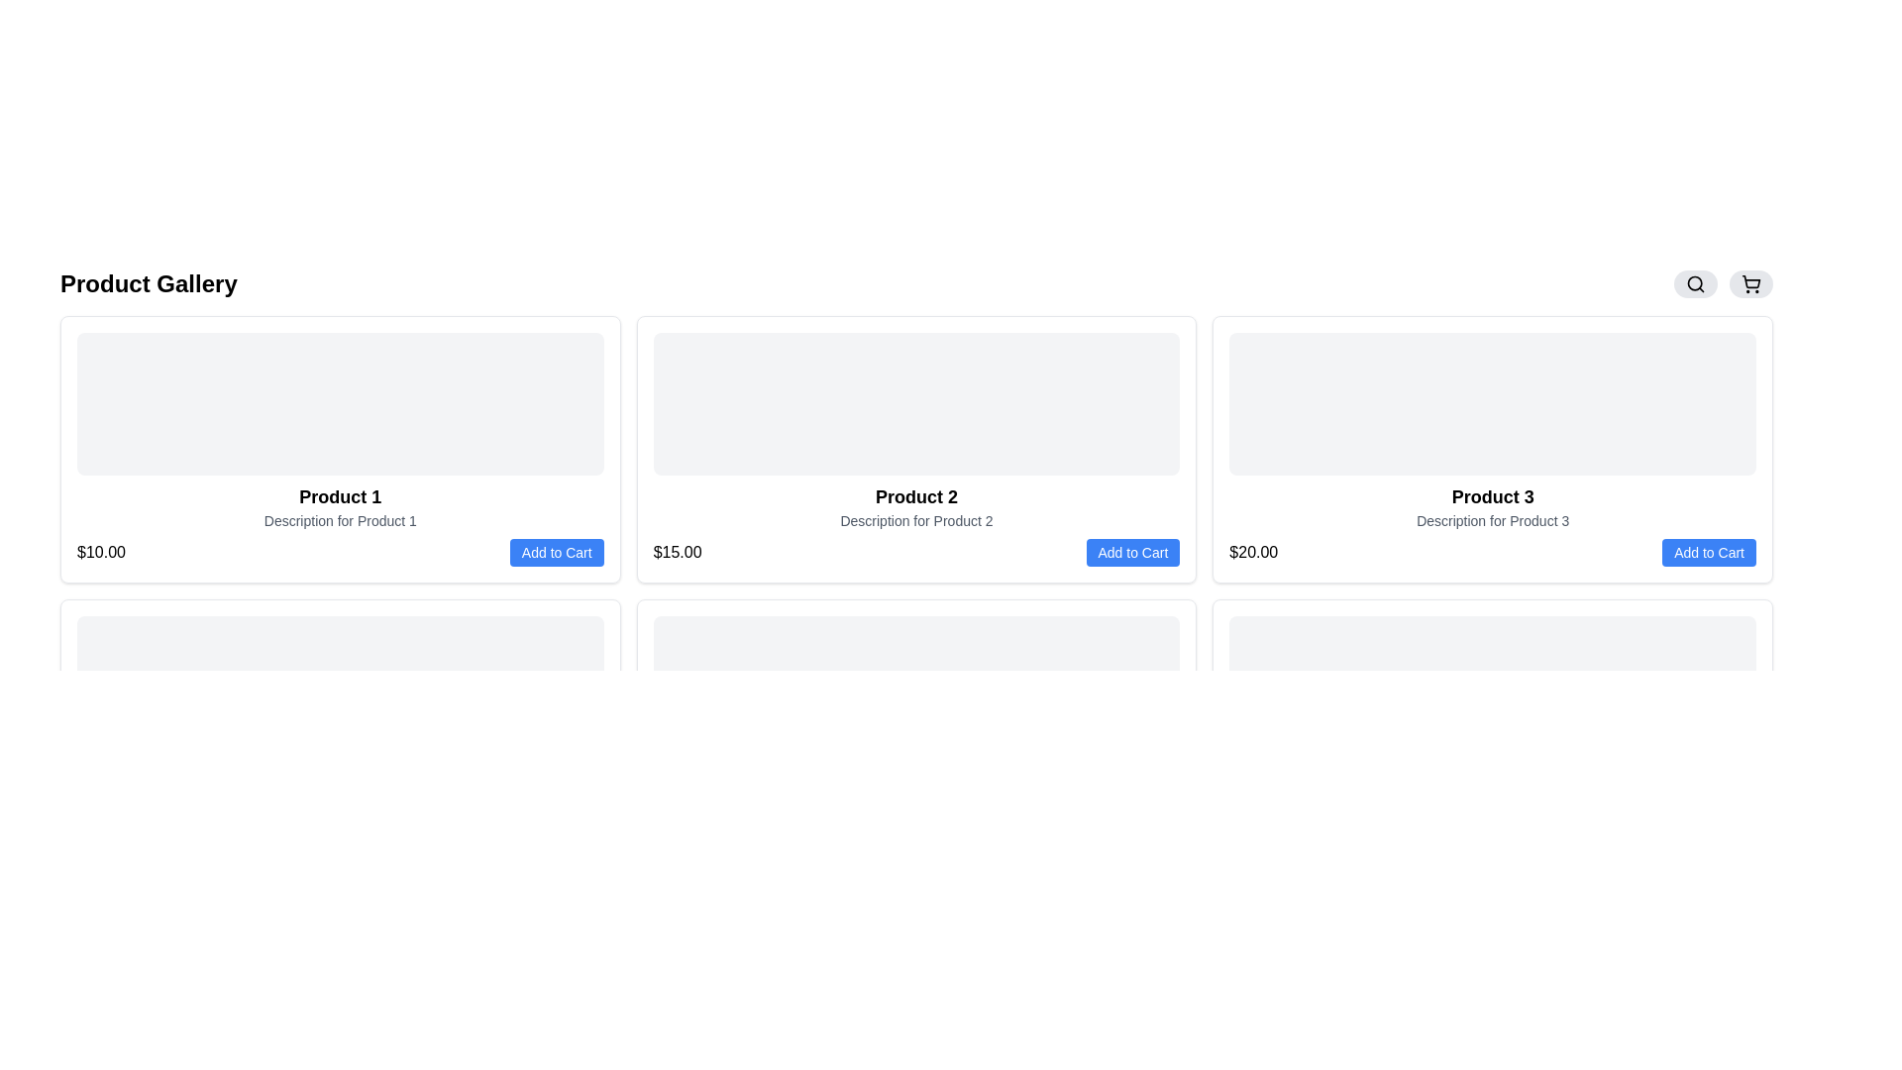 This screenshot has width=1902, height=1070. Describe the element at coordinates (1252, 553) in the screenshot. I see `price label text located below the 'Product 3' title and description, aligned to the left of the 'Add to Cart' button` at that location.